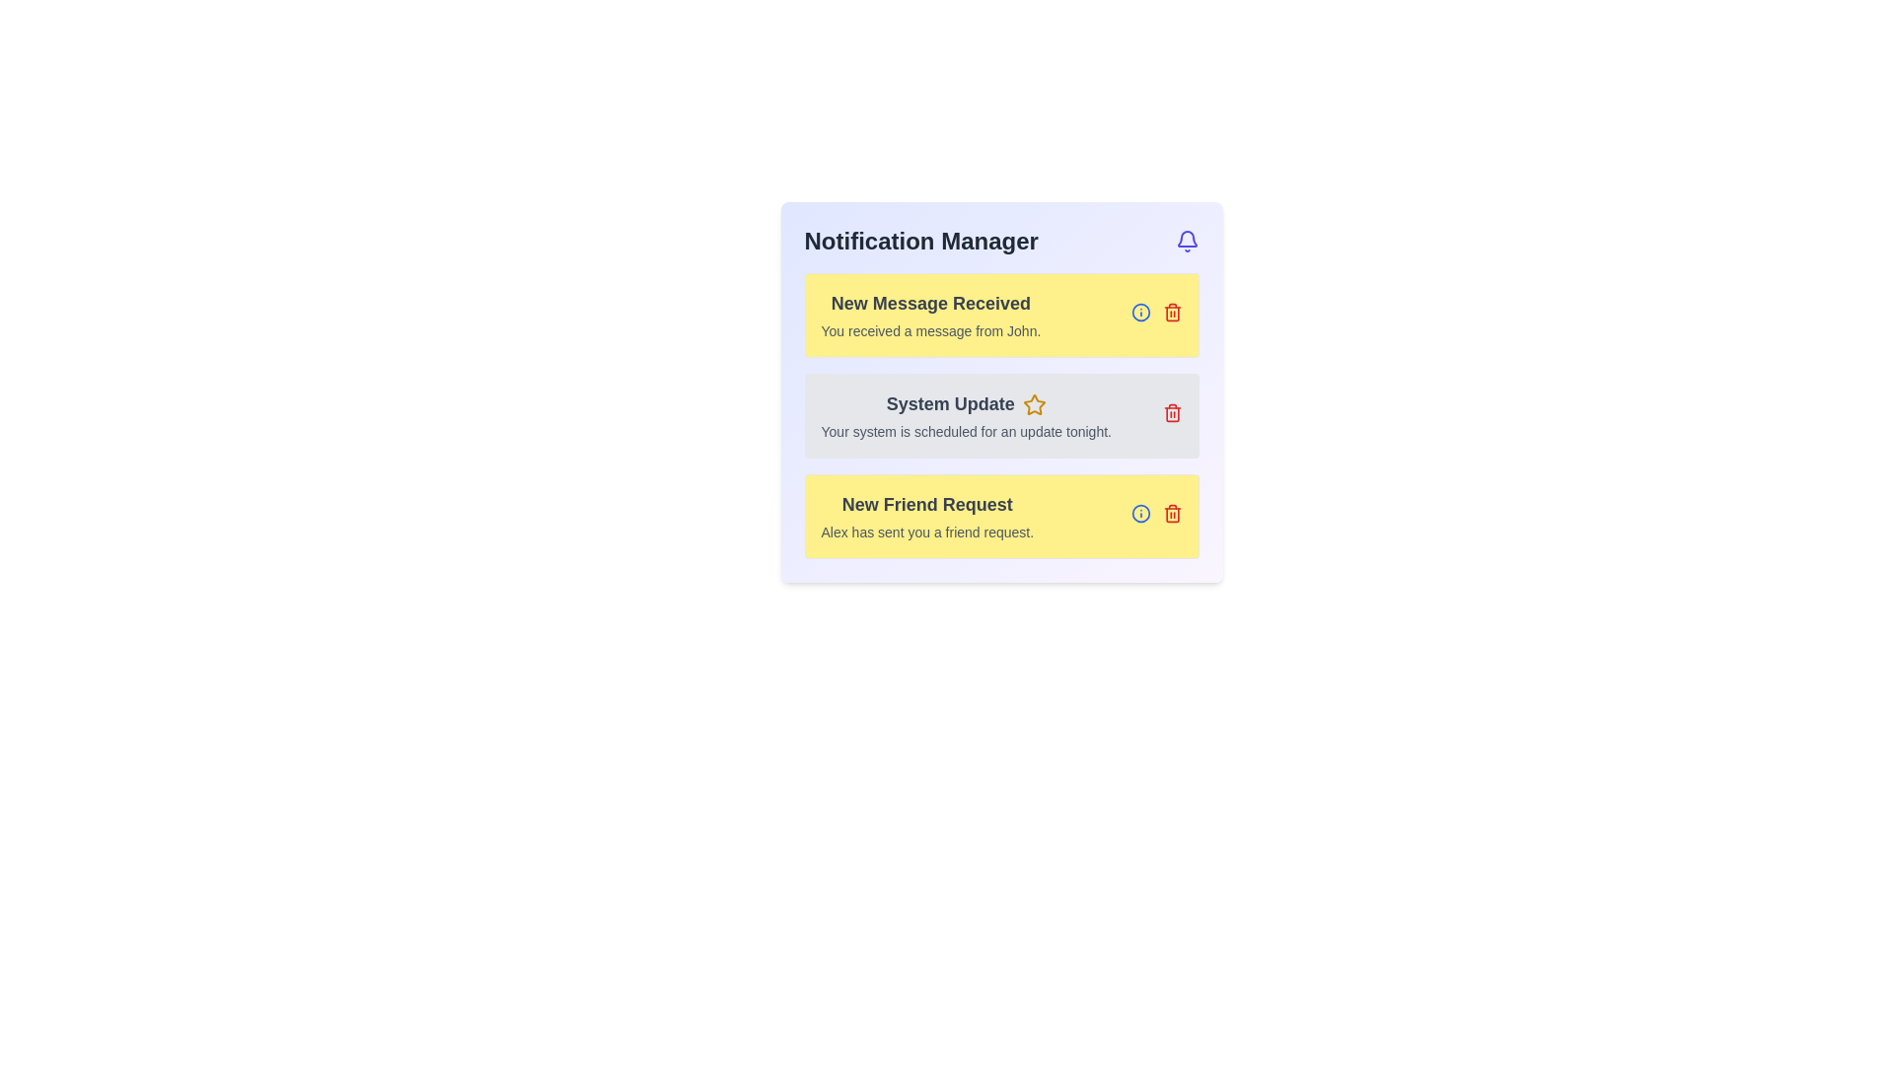 Image resolution: width=1894 pixels, height=1065 pixels. What do you see at coordinates (1001, 315) in the screenshot?
I see `the first notification item with a yellow background, which informs the user about a new message from 'John'` at bounding box center [1001, 315].